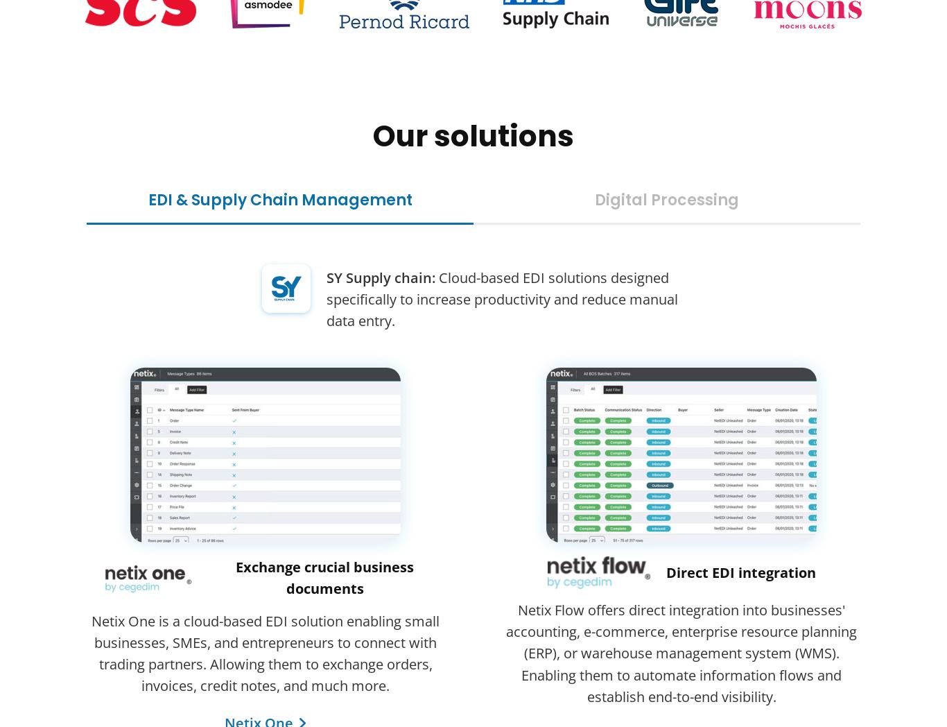 Image resolution: width=947 pixels, height=727 pixels. Describe the element at coordinates (258, 518) in the screenshot. I see `'What are the most commonly used EDI standards?'` at that location.